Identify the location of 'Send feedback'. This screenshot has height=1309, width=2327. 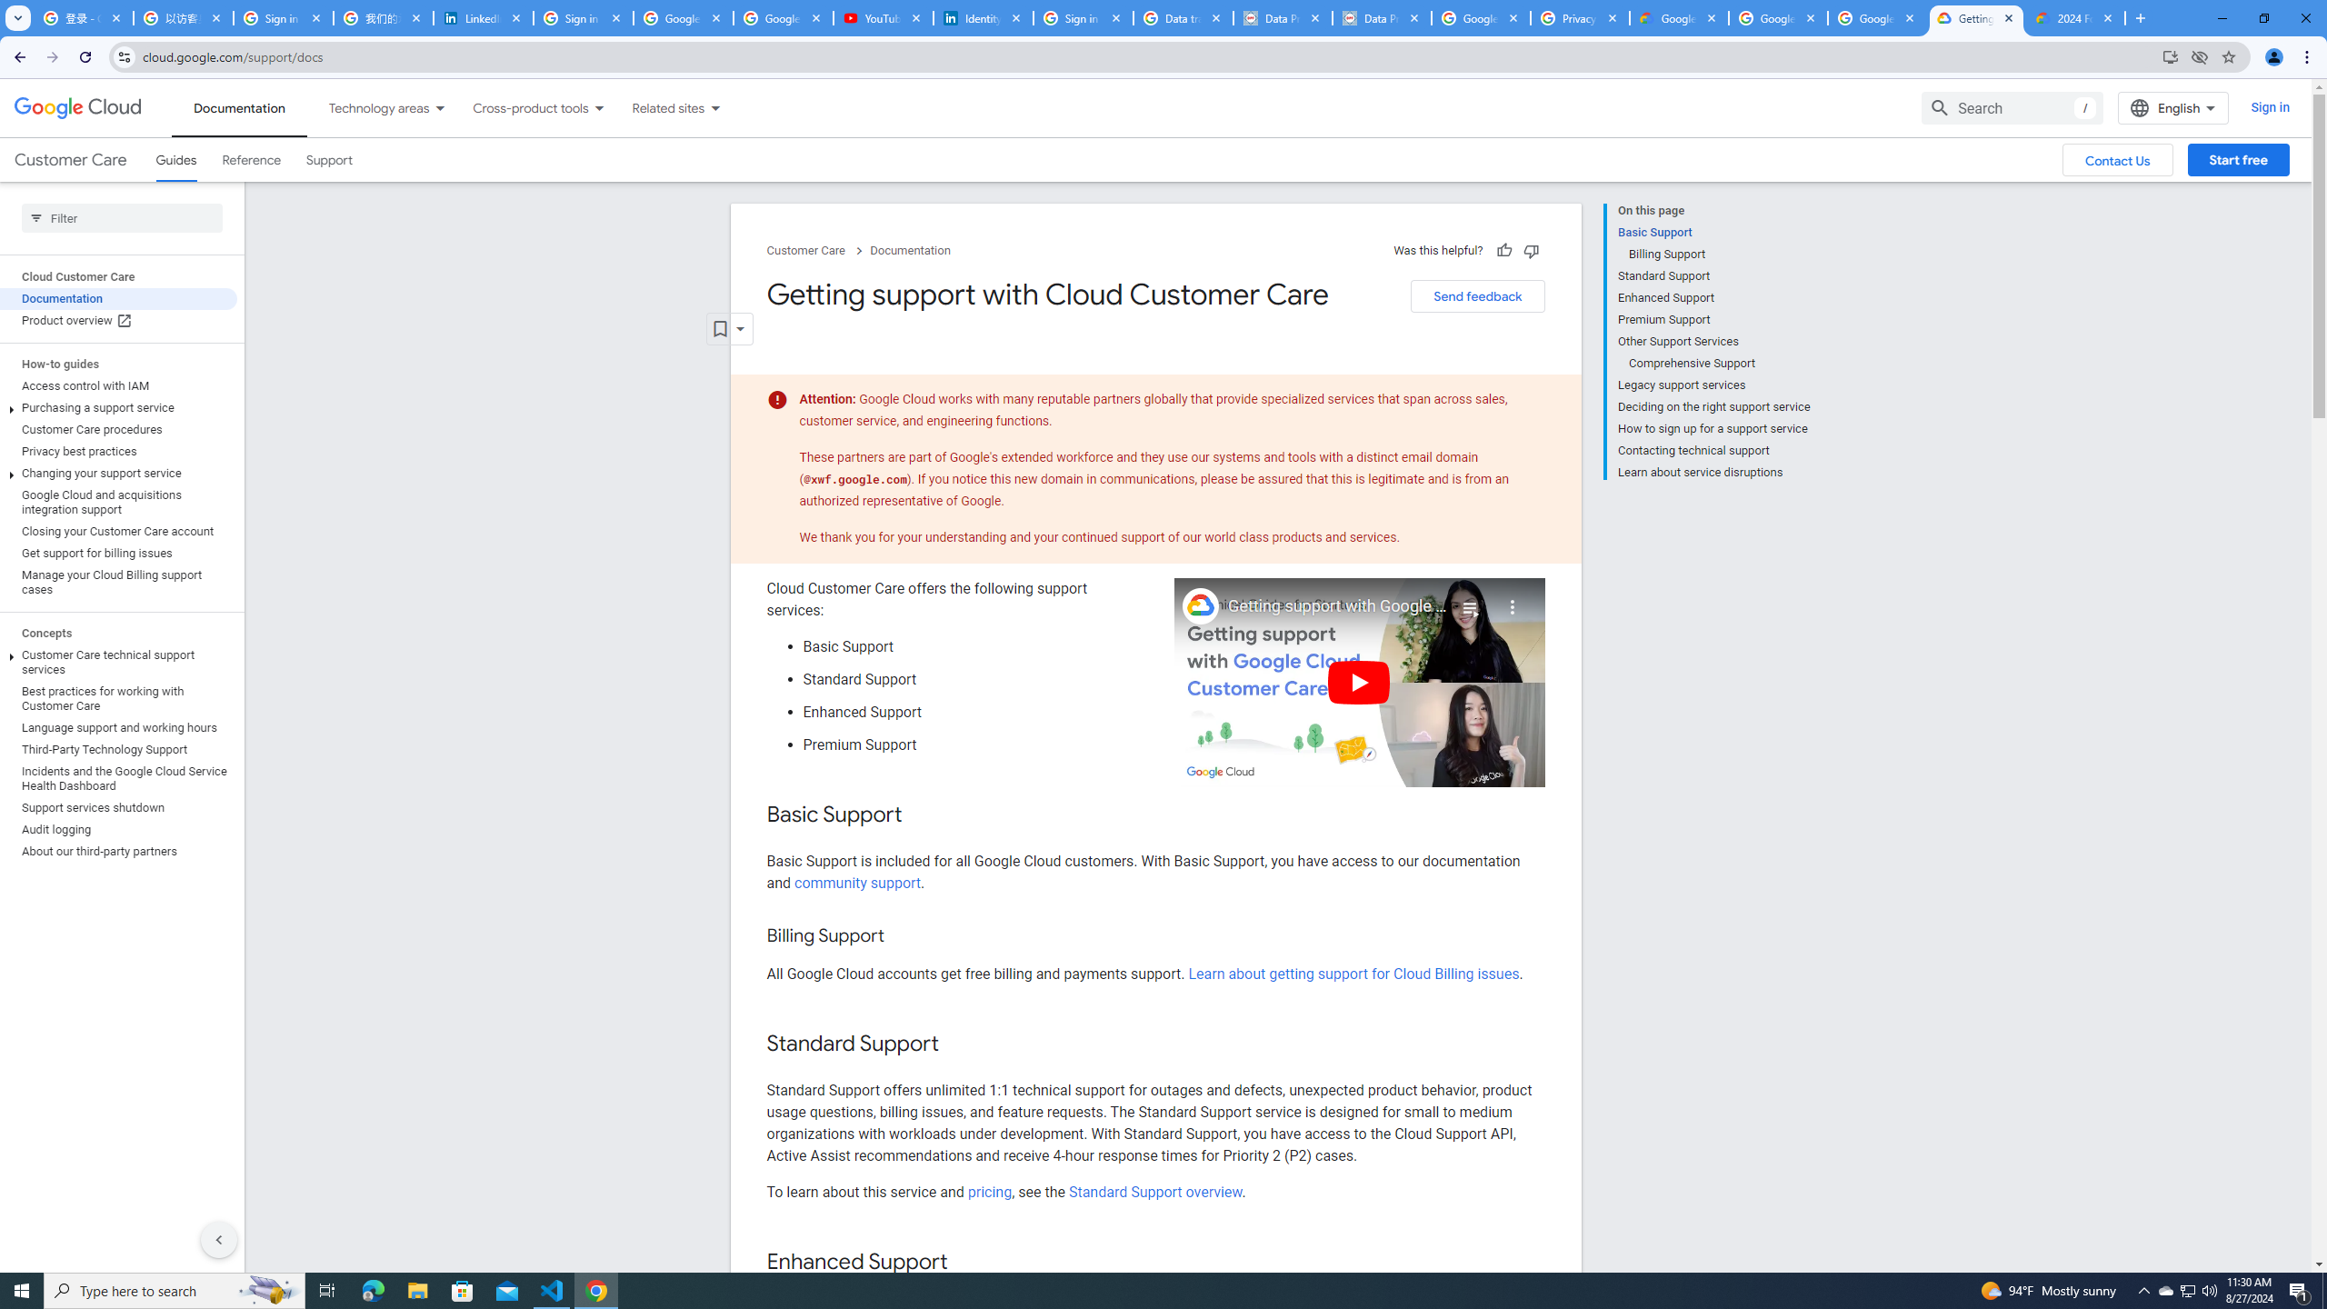
(1477, 295).